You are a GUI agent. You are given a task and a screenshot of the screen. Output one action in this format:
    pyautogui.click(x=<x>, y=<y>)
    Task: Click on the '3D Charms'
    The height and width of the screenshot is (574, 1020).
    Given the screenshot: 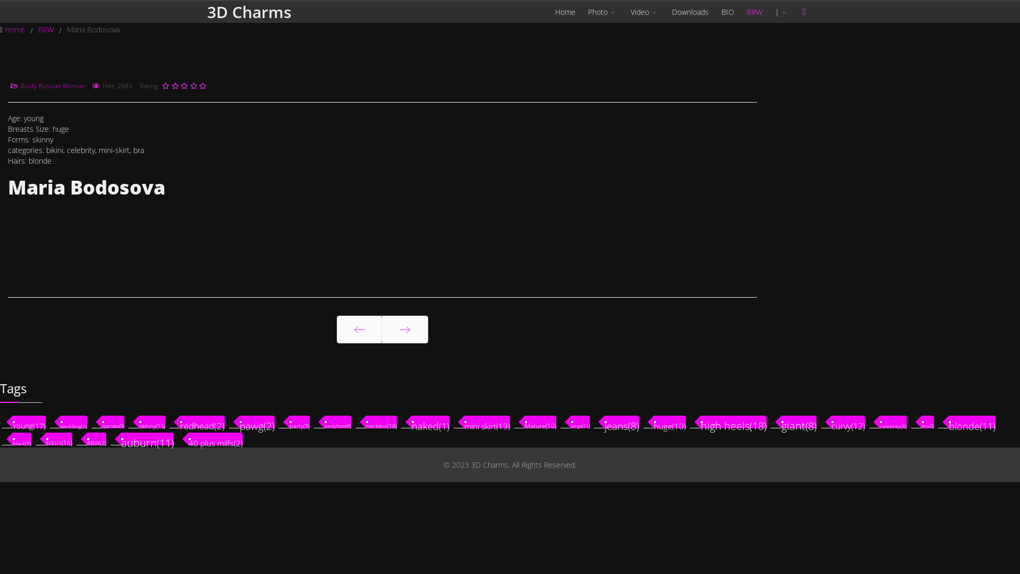 What is the action you would take?
    pyautogui.click(x=249, y=12)
    